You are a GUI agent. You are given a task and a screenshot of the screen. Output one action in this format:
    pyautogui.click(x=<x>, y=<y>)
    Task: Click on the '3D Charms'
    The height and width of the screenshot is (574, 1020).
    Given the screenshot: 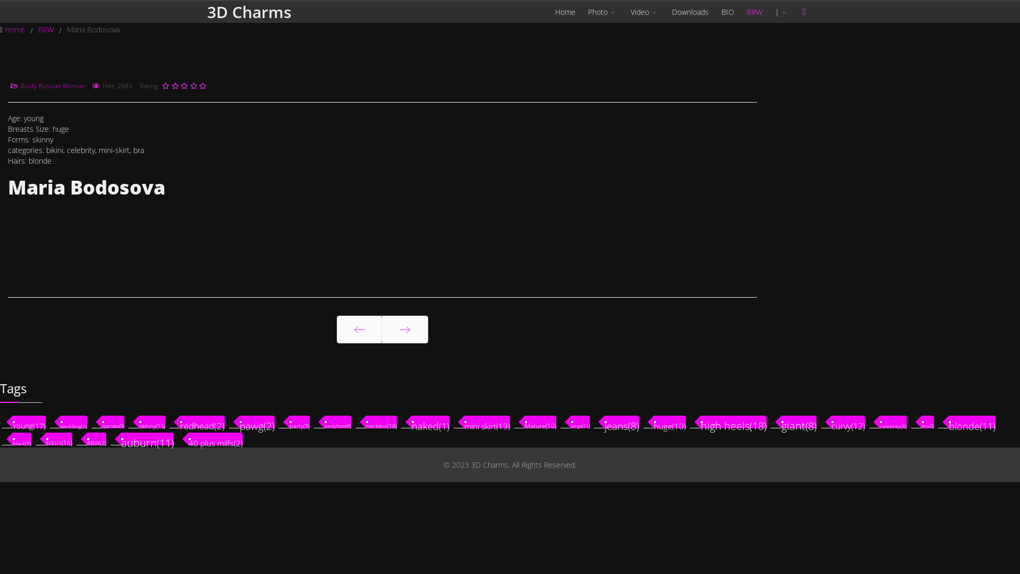 What is the action you would take?
    pyautogui.click(x=249, y=12)
    